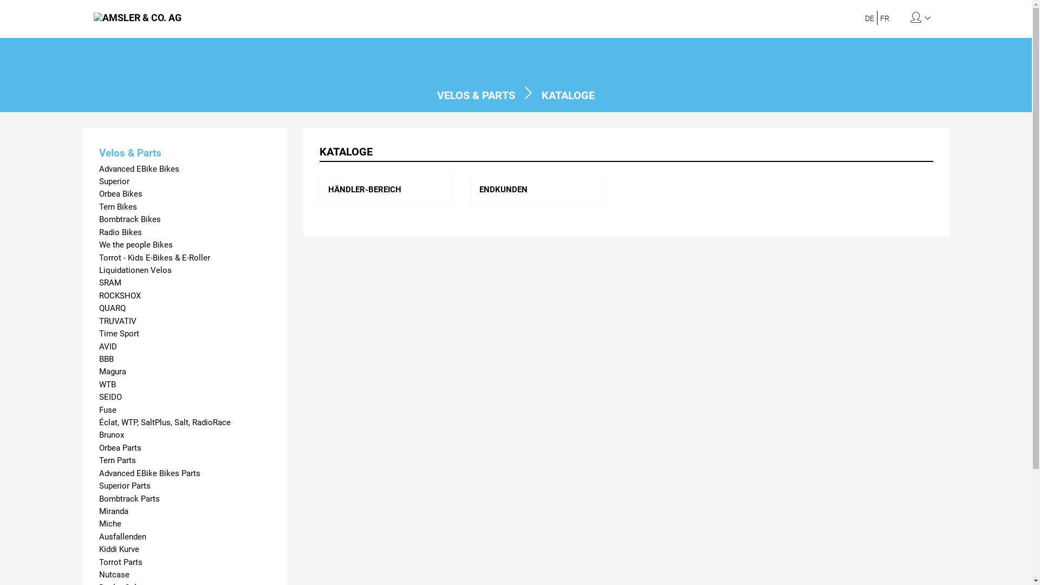  I want to click on 'Velos & Parts', so click(184, 153).